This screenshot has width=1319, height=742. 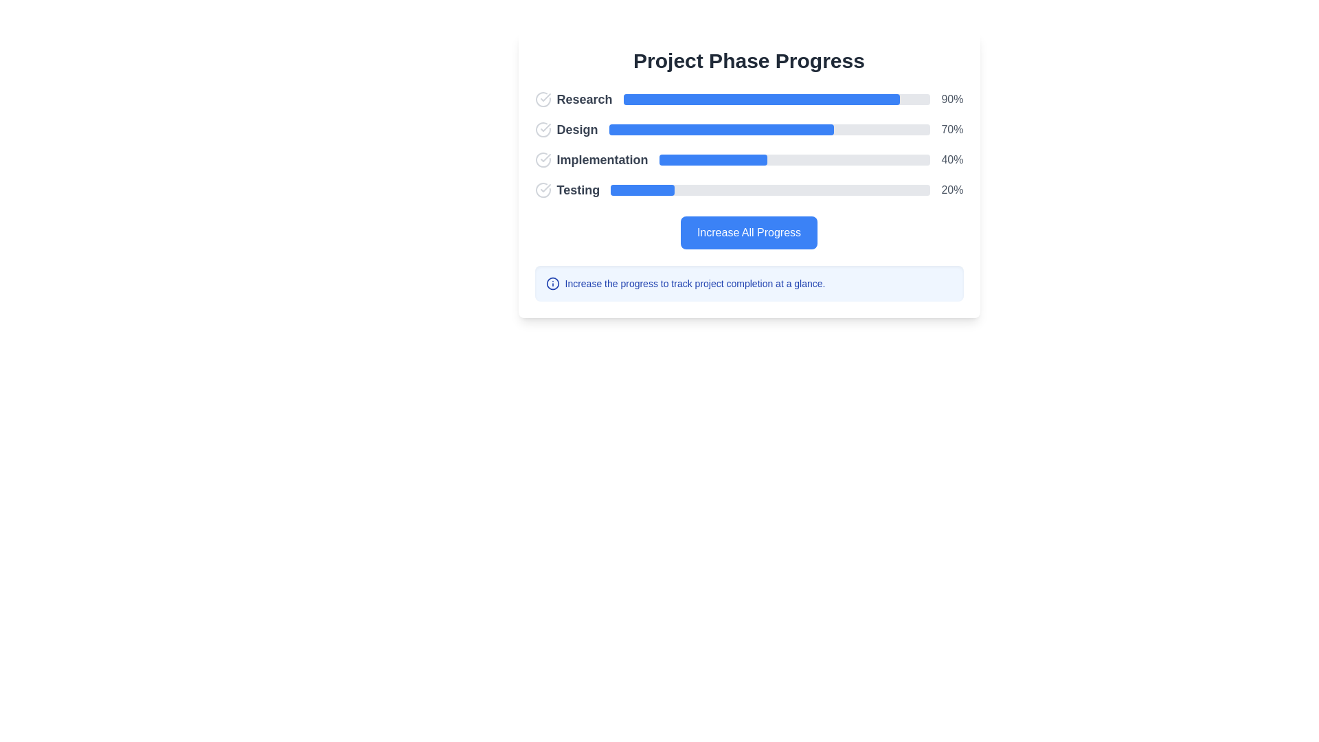 What do you see at coordinates (748, 159) in the screenshot?
I see `the 'Implementation' progress bar to interact with adjacent elements in the Project Phase Progress list` at bounding box center [748, 159].